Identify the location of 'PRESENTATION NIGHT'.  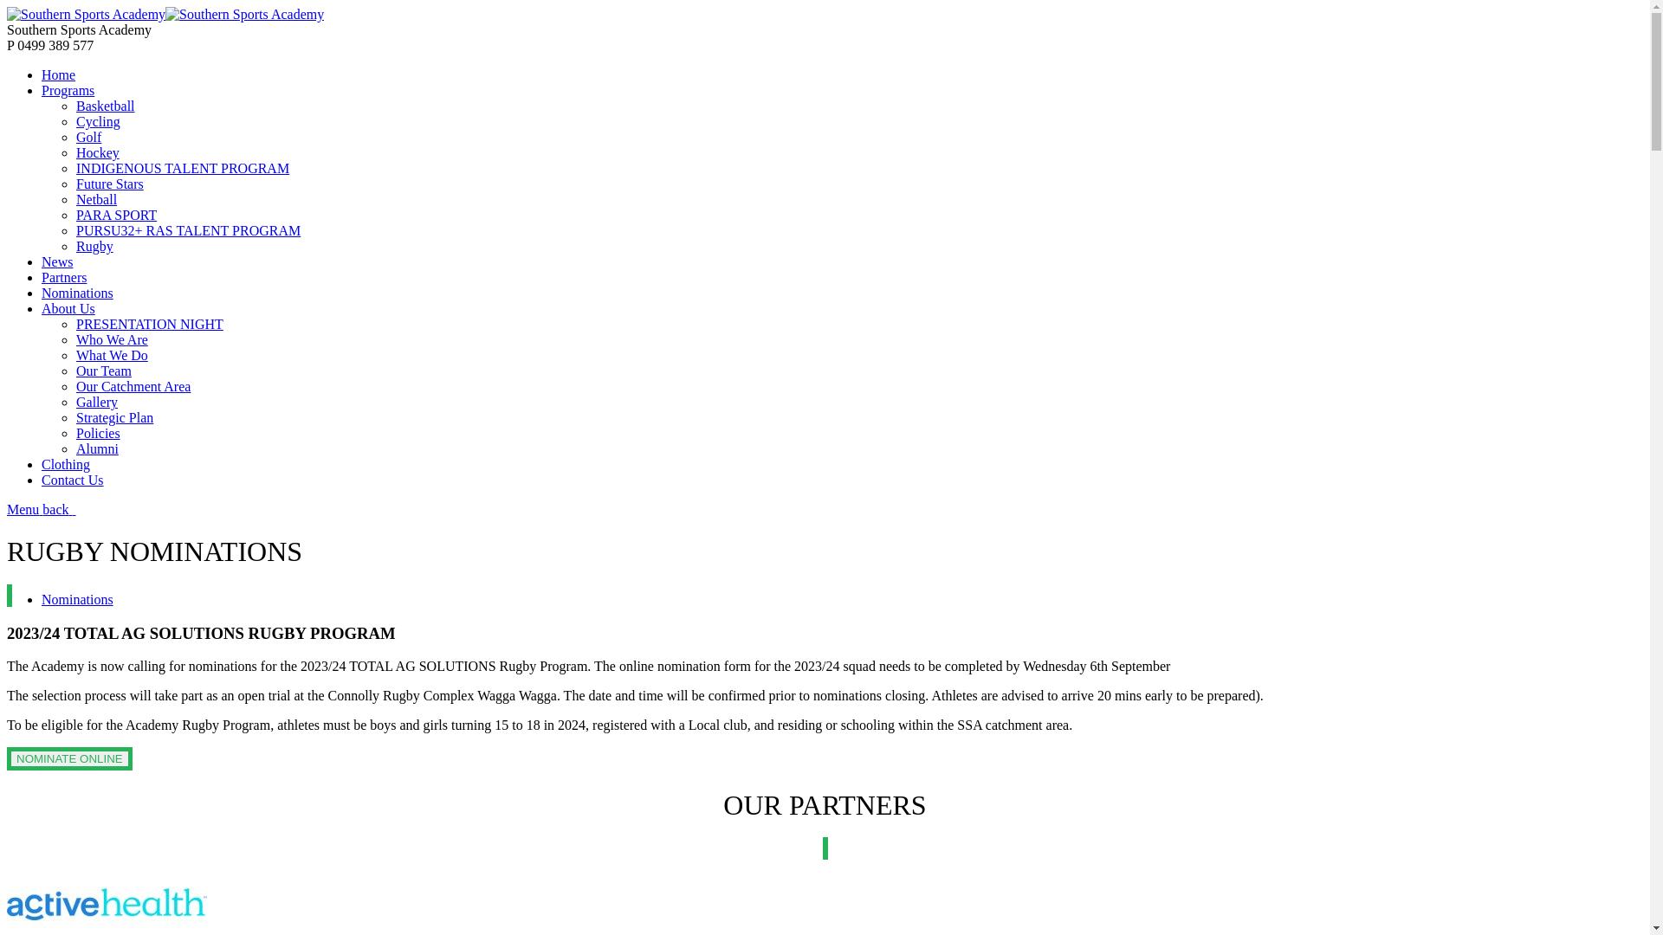
(149, 324).